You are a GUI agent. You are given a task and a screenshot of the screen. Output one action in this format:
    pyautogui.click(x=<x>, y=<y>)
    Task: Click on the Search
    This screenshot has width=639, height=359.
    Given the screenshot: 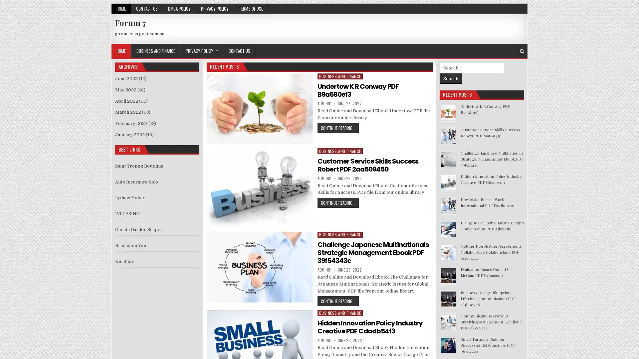 What is the action you would take?
    pyautogui.click(x=451, y=78)
    